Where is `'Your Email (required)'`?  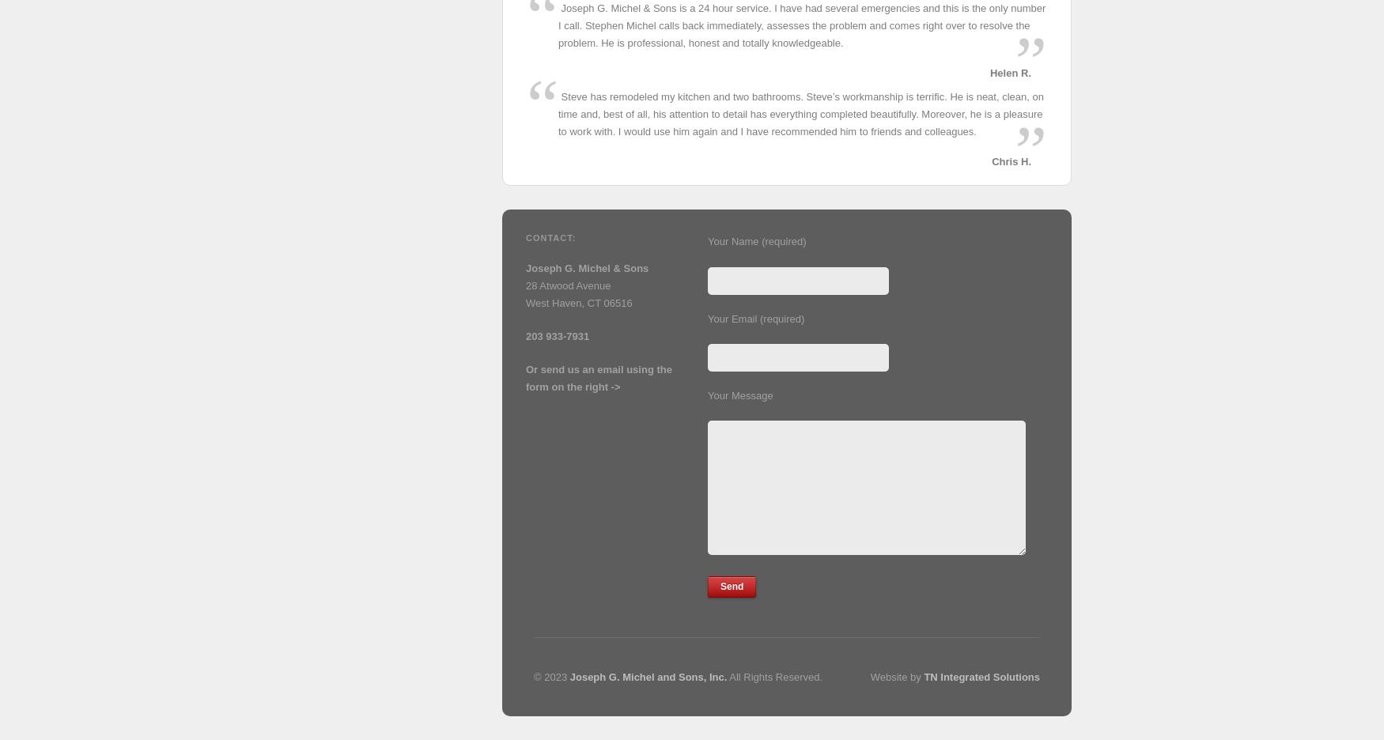 'Your Email (required)' is located at coordinates (756, 317).